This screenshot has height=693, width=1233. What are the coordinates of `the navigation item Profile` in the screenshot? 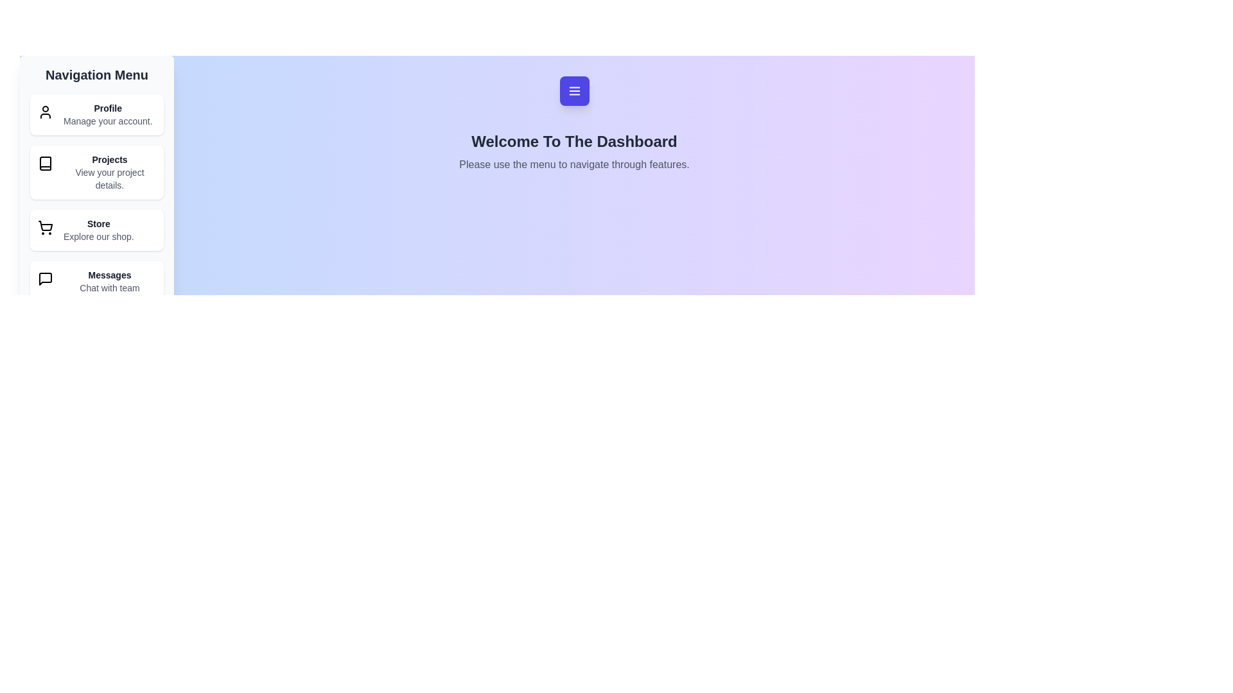 It's located at (96, 114).